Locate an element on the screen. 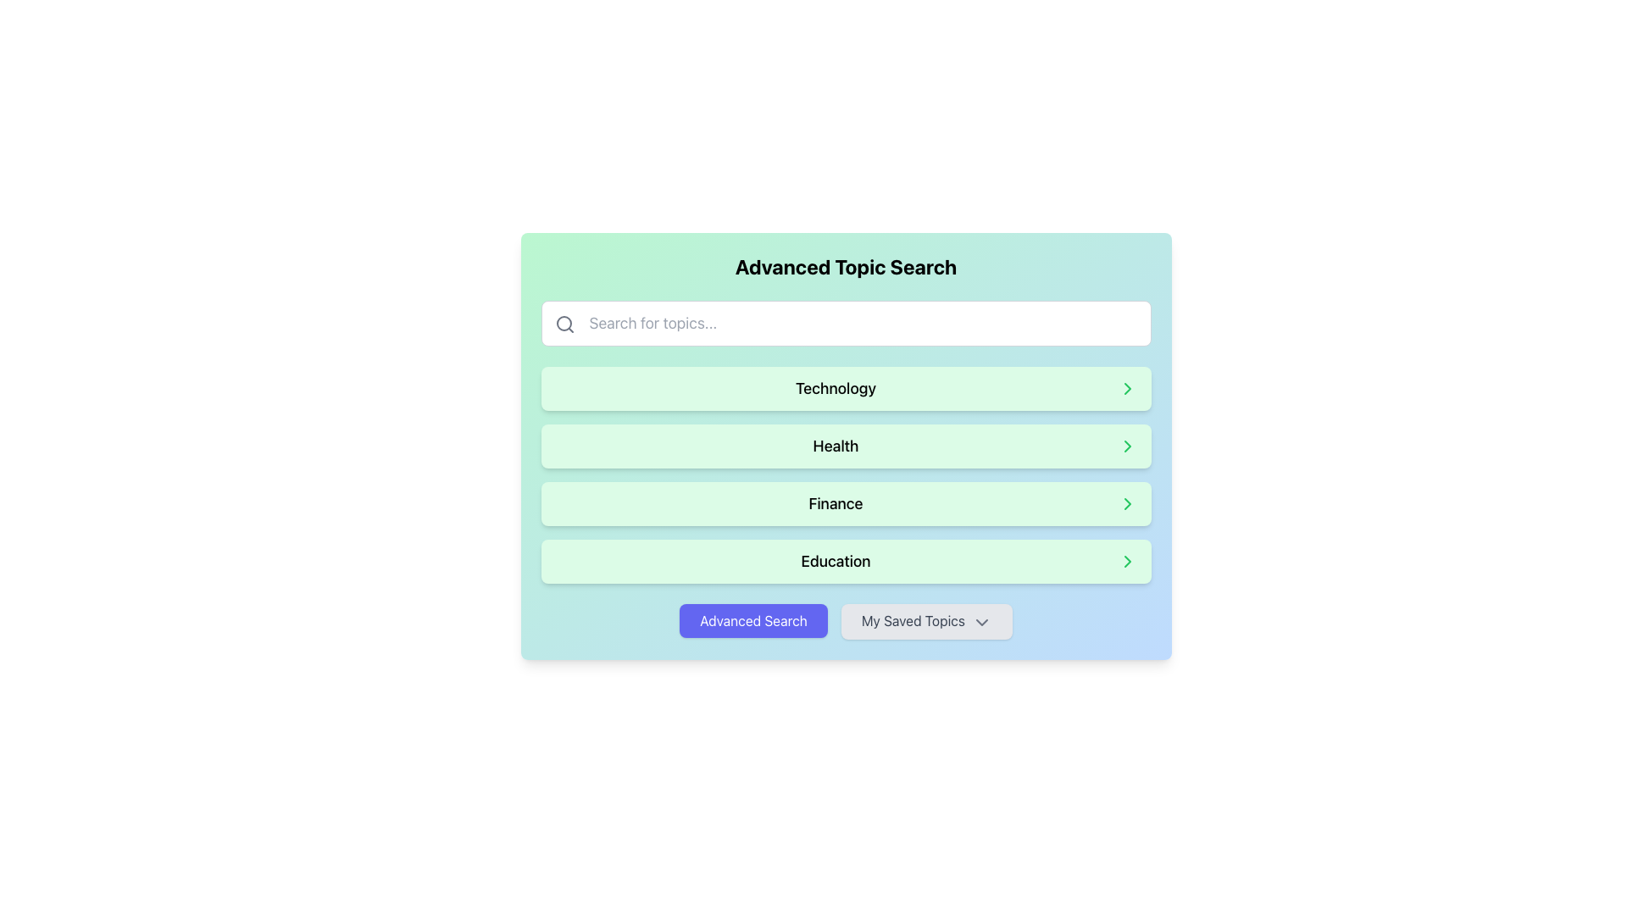  the small gray magnifying glass icon located on the left side of the search bar, which features a circular handle and a connecting line to the lens is located at coordinates (564, 324).